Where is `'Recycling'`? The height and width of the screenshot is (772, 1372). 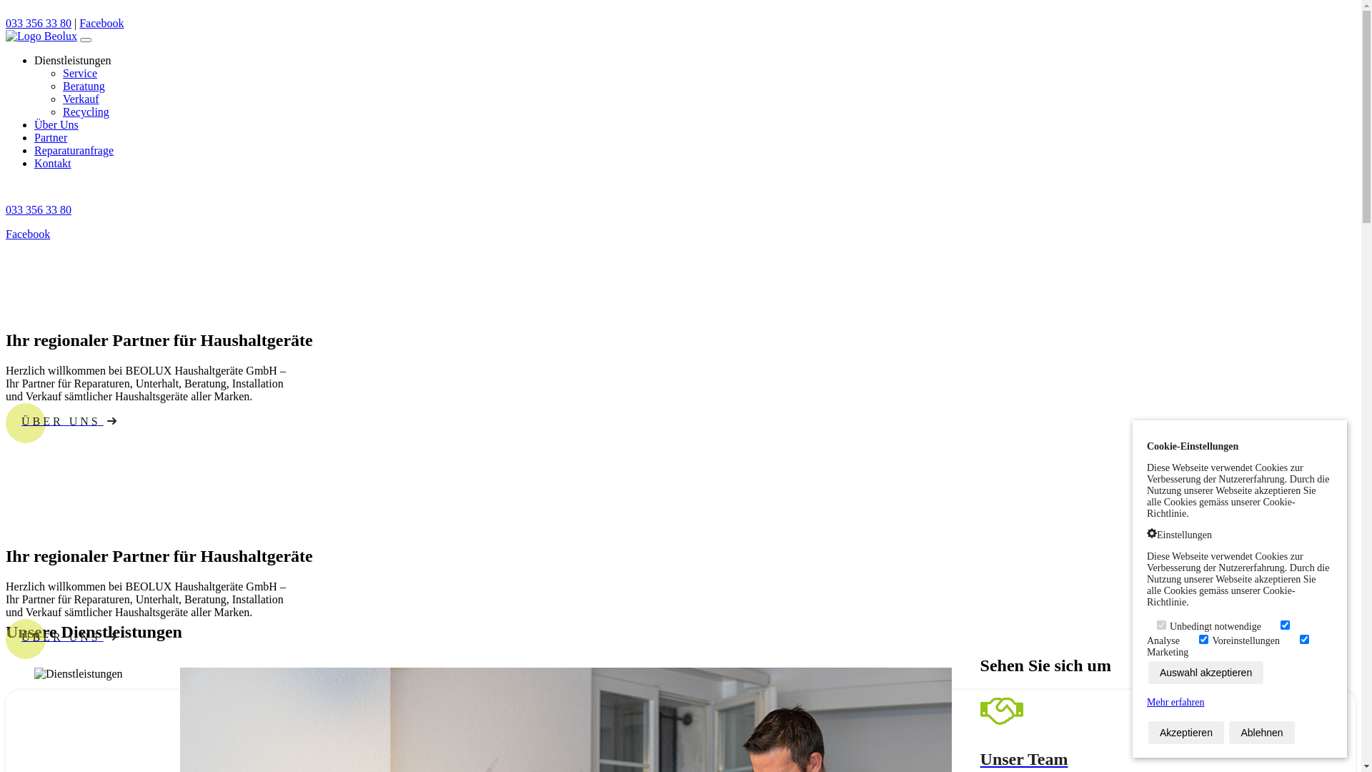
'Recycling' is located at coordinates (85, 111).